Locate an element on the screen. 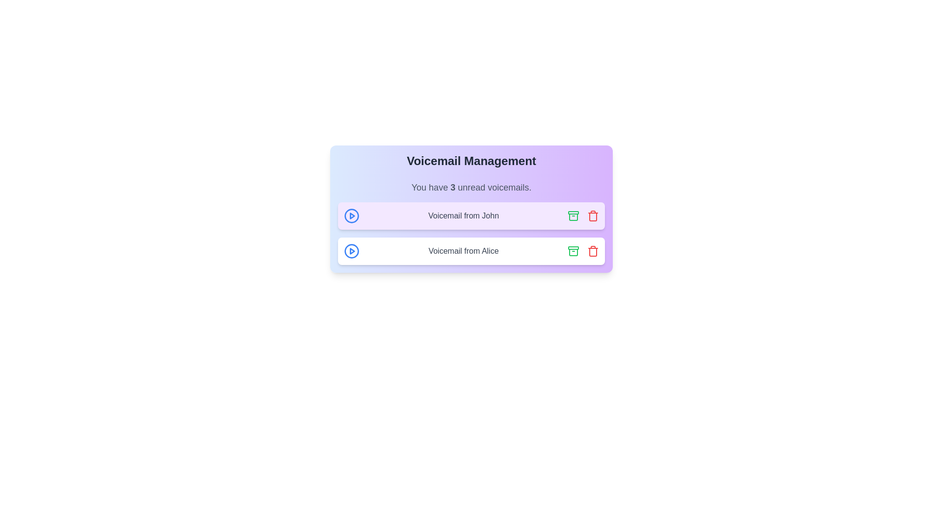 The height and width of the screenshot is (529, 942). the middle layer of the rightmost green archive icon in the second row of the voicemail list, which represents part of the archive icon is located at coordinates (574, 252).